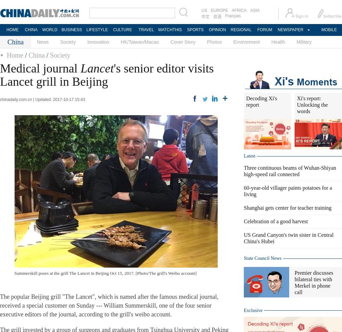  I want to click on 'HOME', so click(6, 30).